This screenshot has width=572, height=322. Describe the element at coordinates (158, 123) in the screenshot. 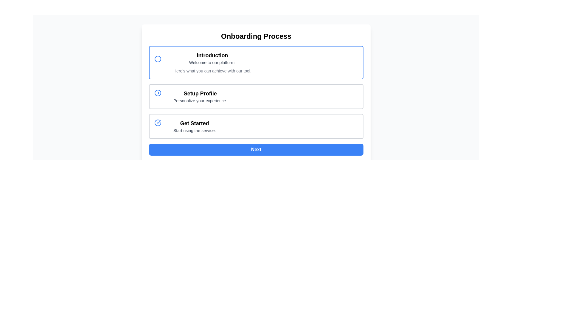

I see `the blue circular icon with a checkmark located in the 'Get Started' section of the onboarding steps list` at that location.